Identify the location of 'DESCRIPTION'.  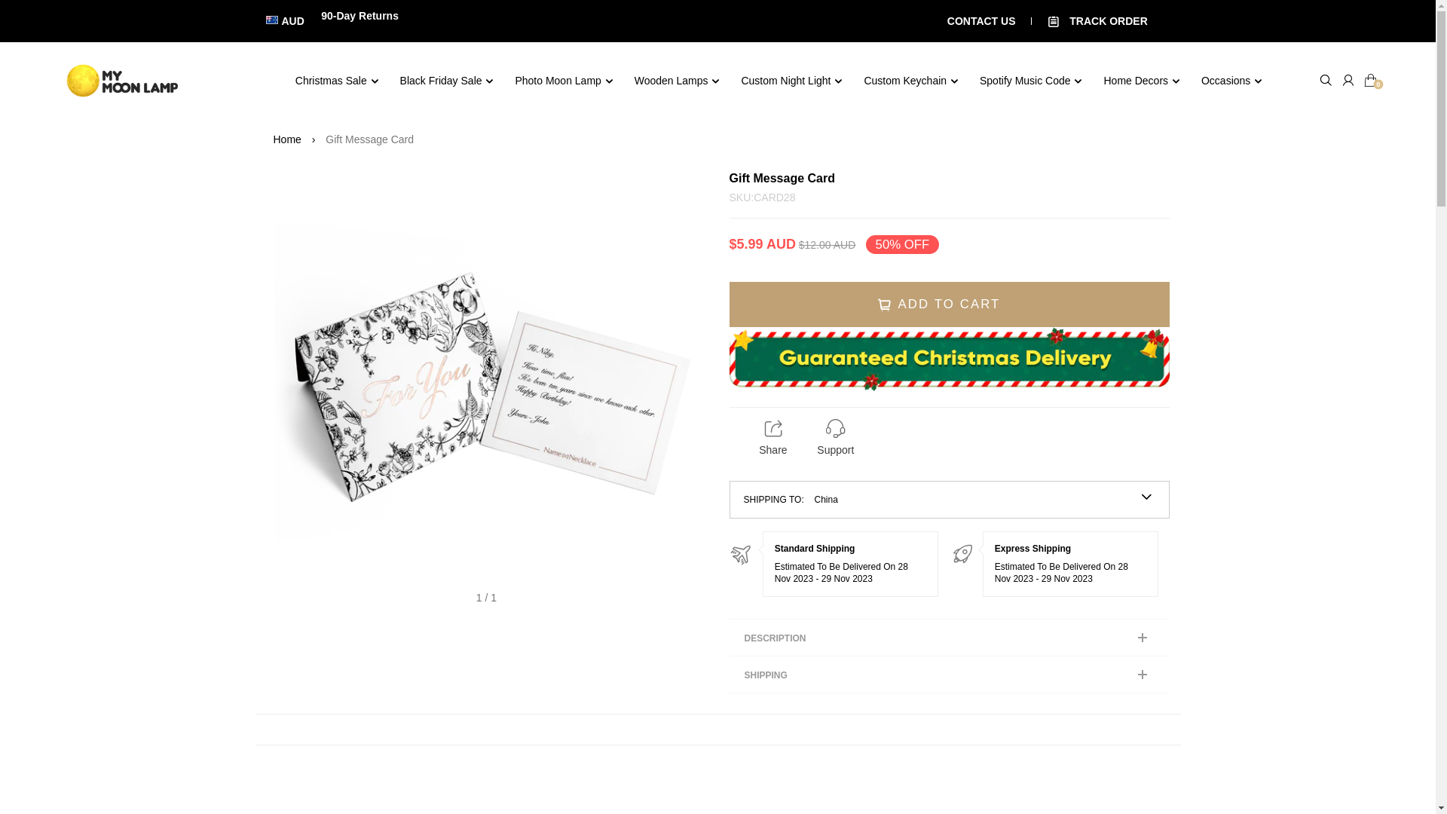
(948, 637).